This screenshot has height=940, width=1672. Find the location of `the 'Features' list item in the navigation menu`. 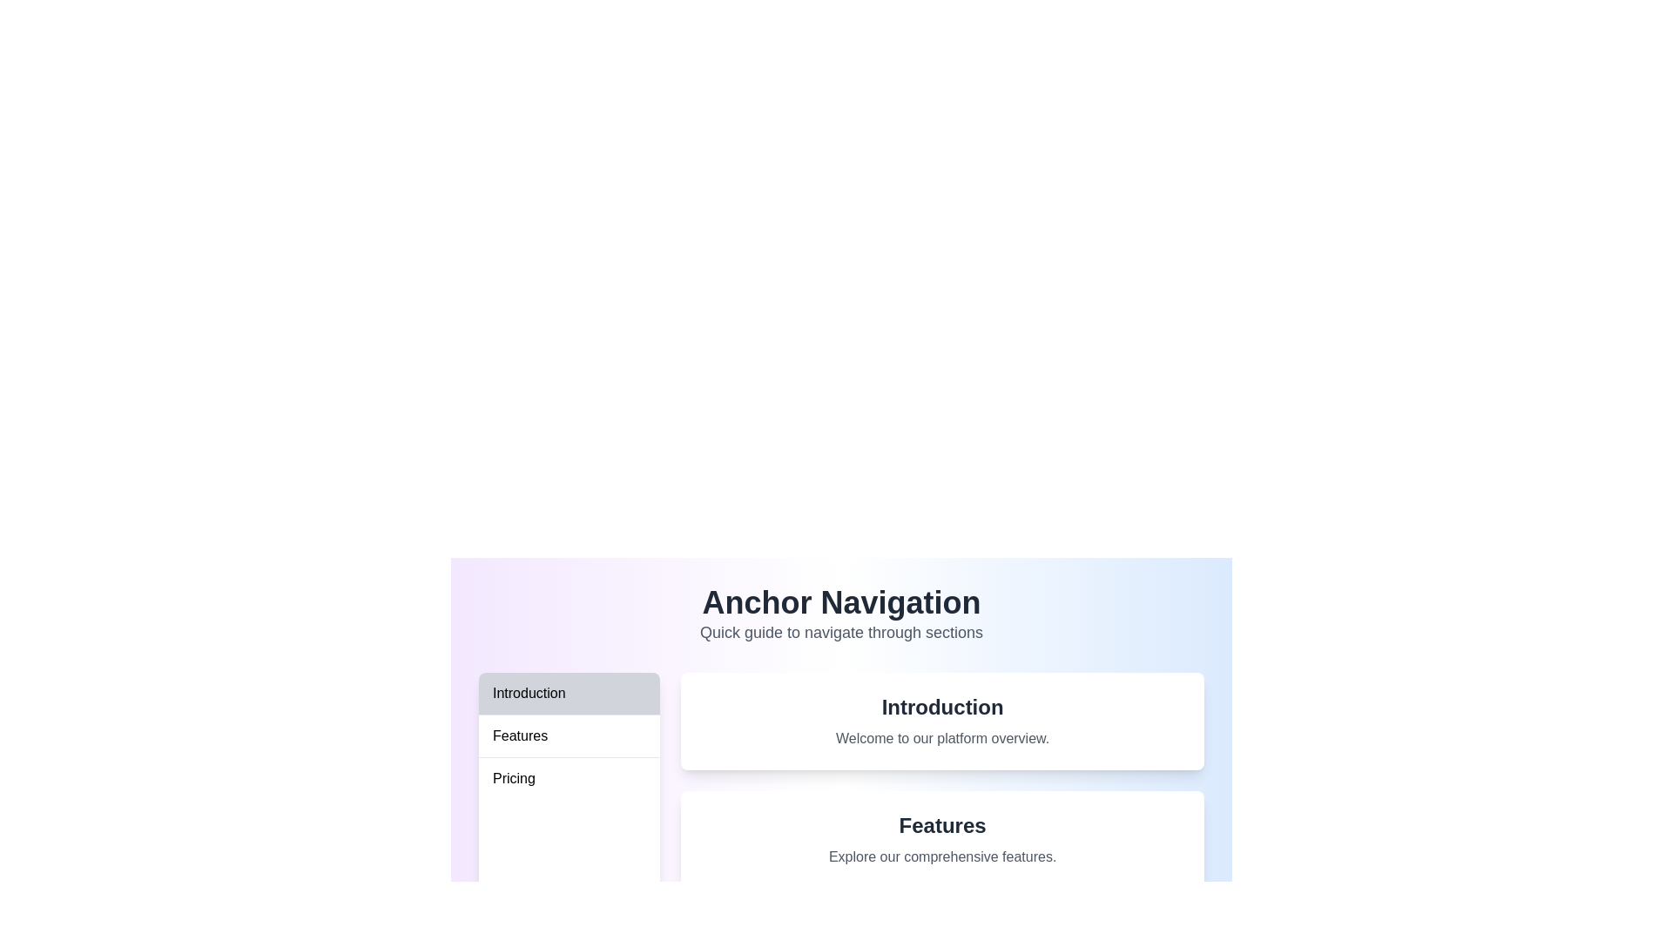

the 'Features' list item in the navigation menu is located at coordinates (570, 735).